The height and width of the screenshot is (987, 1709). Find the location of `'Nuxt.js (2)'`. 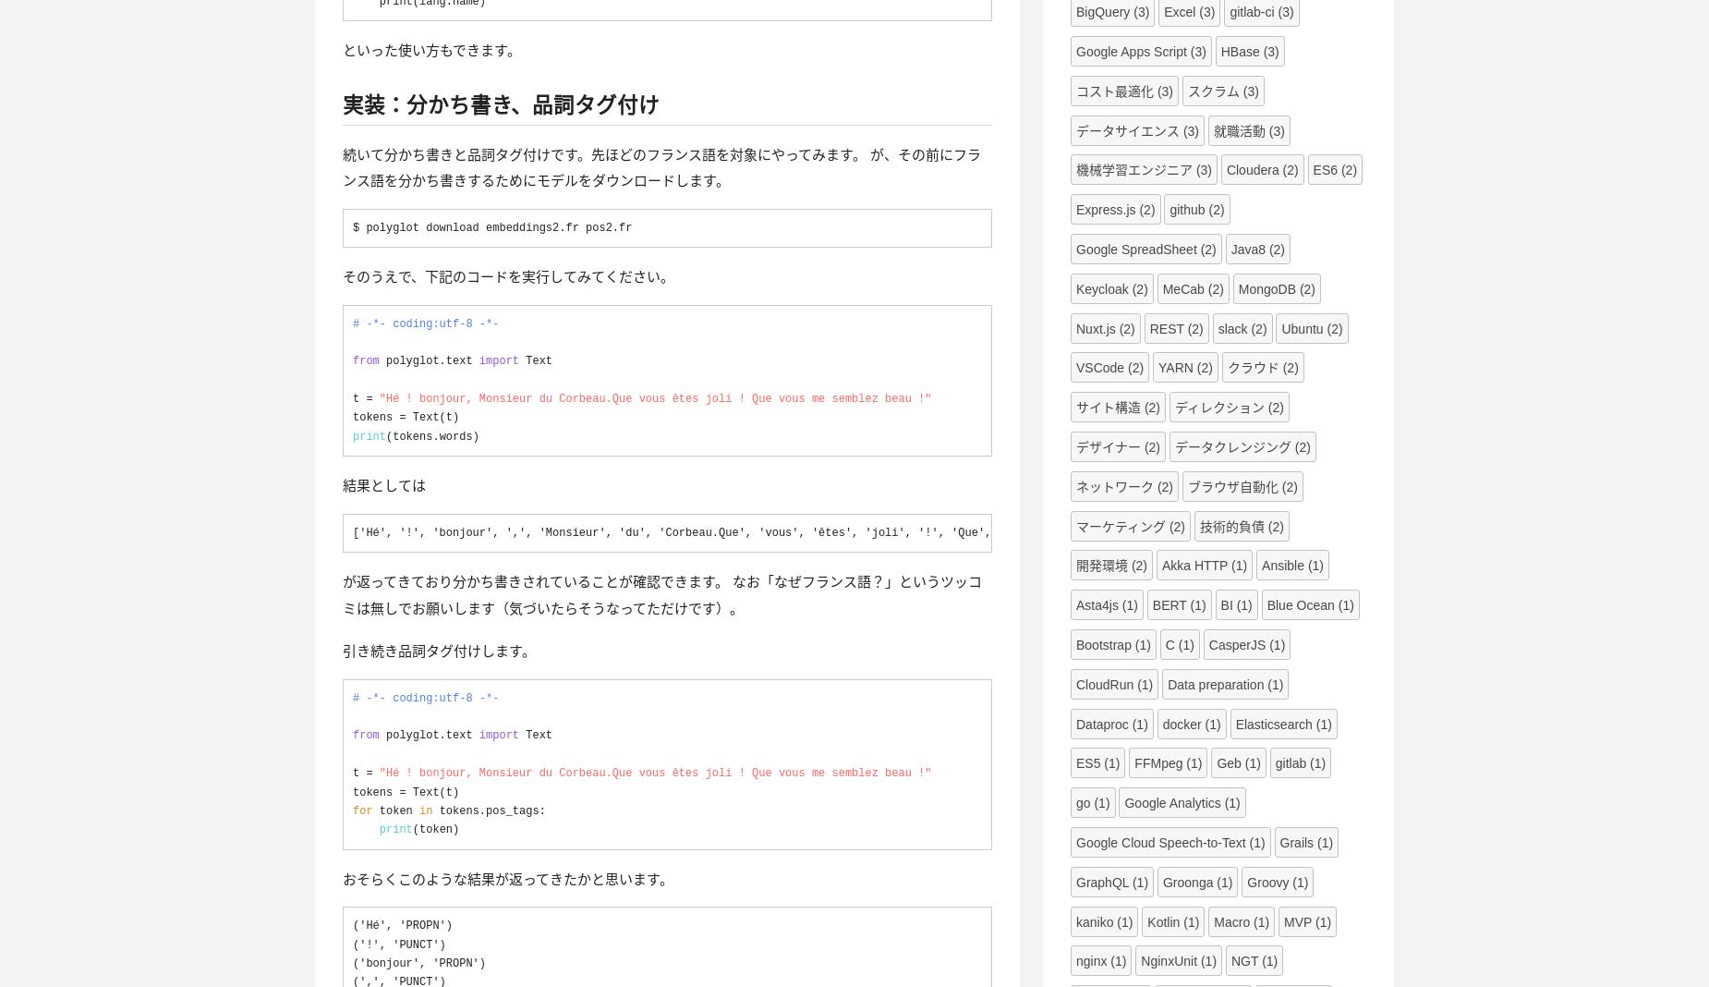

'Nuxt.js (2)' is located at coordinates (1104, 327).